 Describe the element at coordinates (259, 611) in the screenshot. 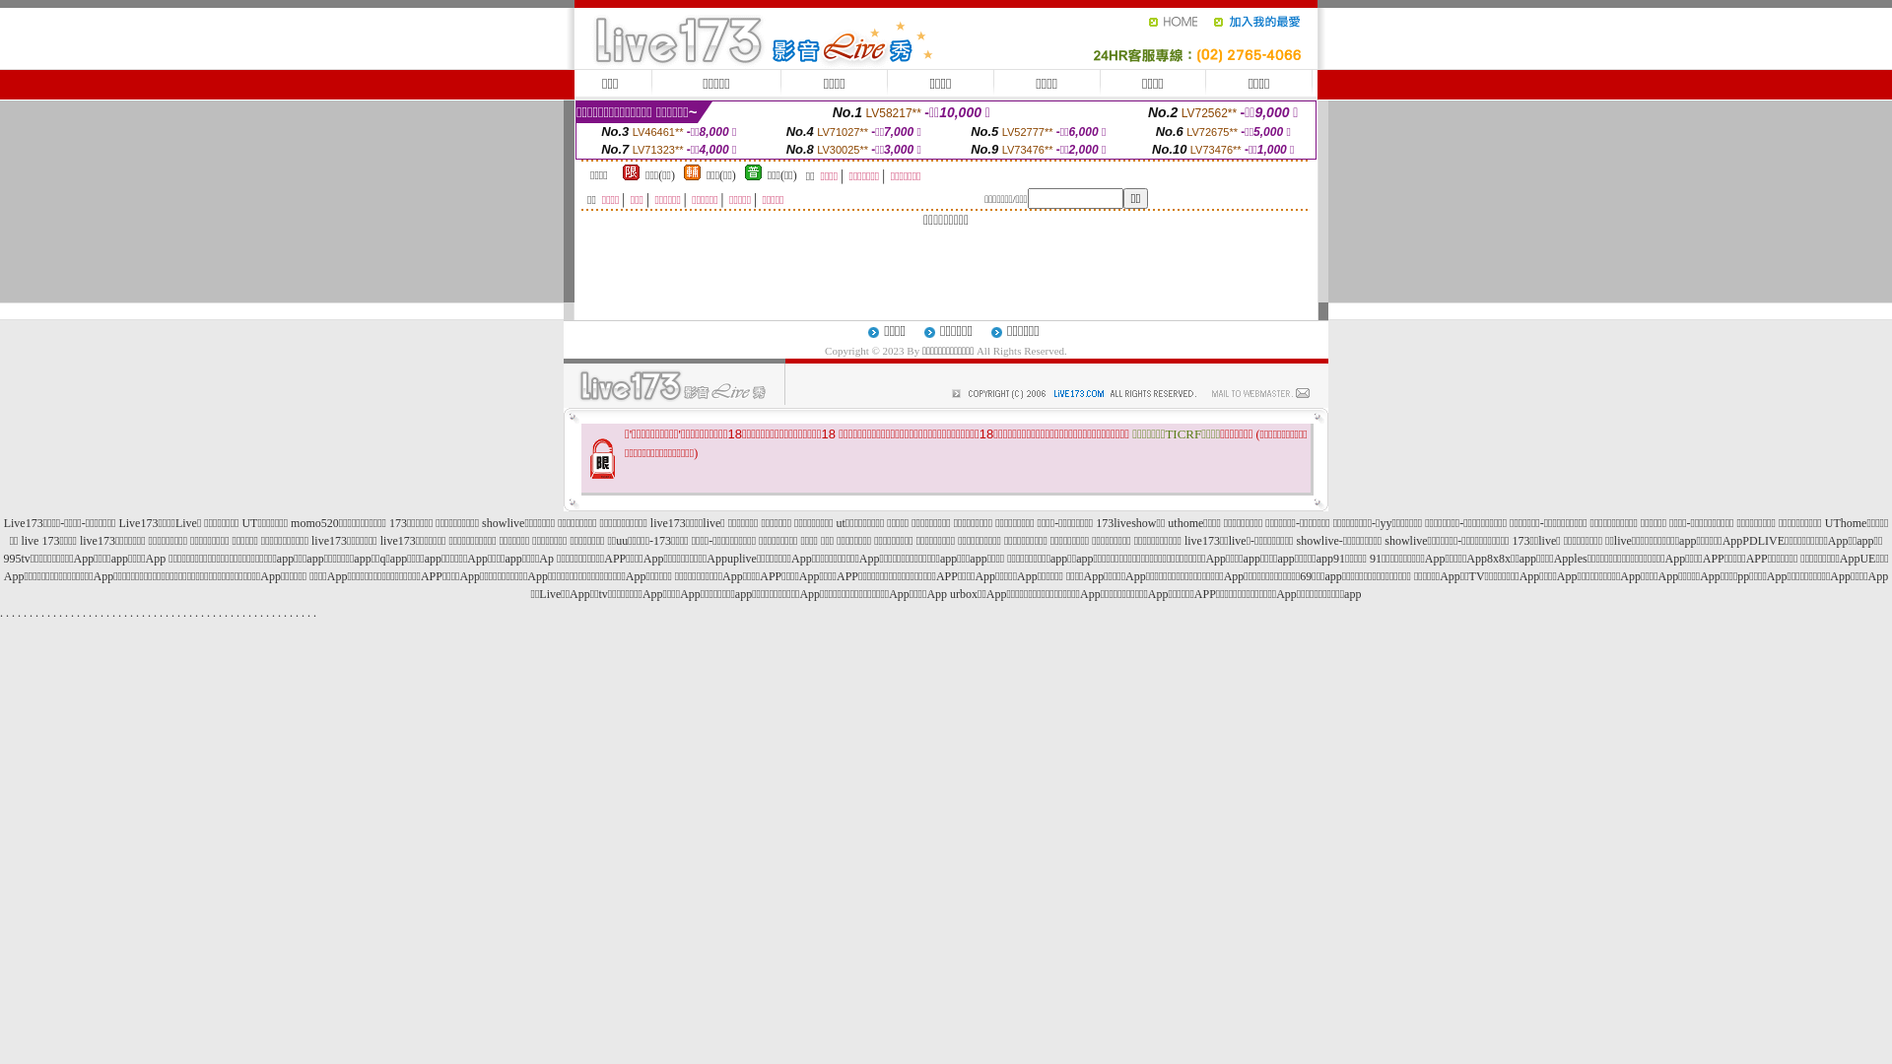

I see `'.'` at that location.